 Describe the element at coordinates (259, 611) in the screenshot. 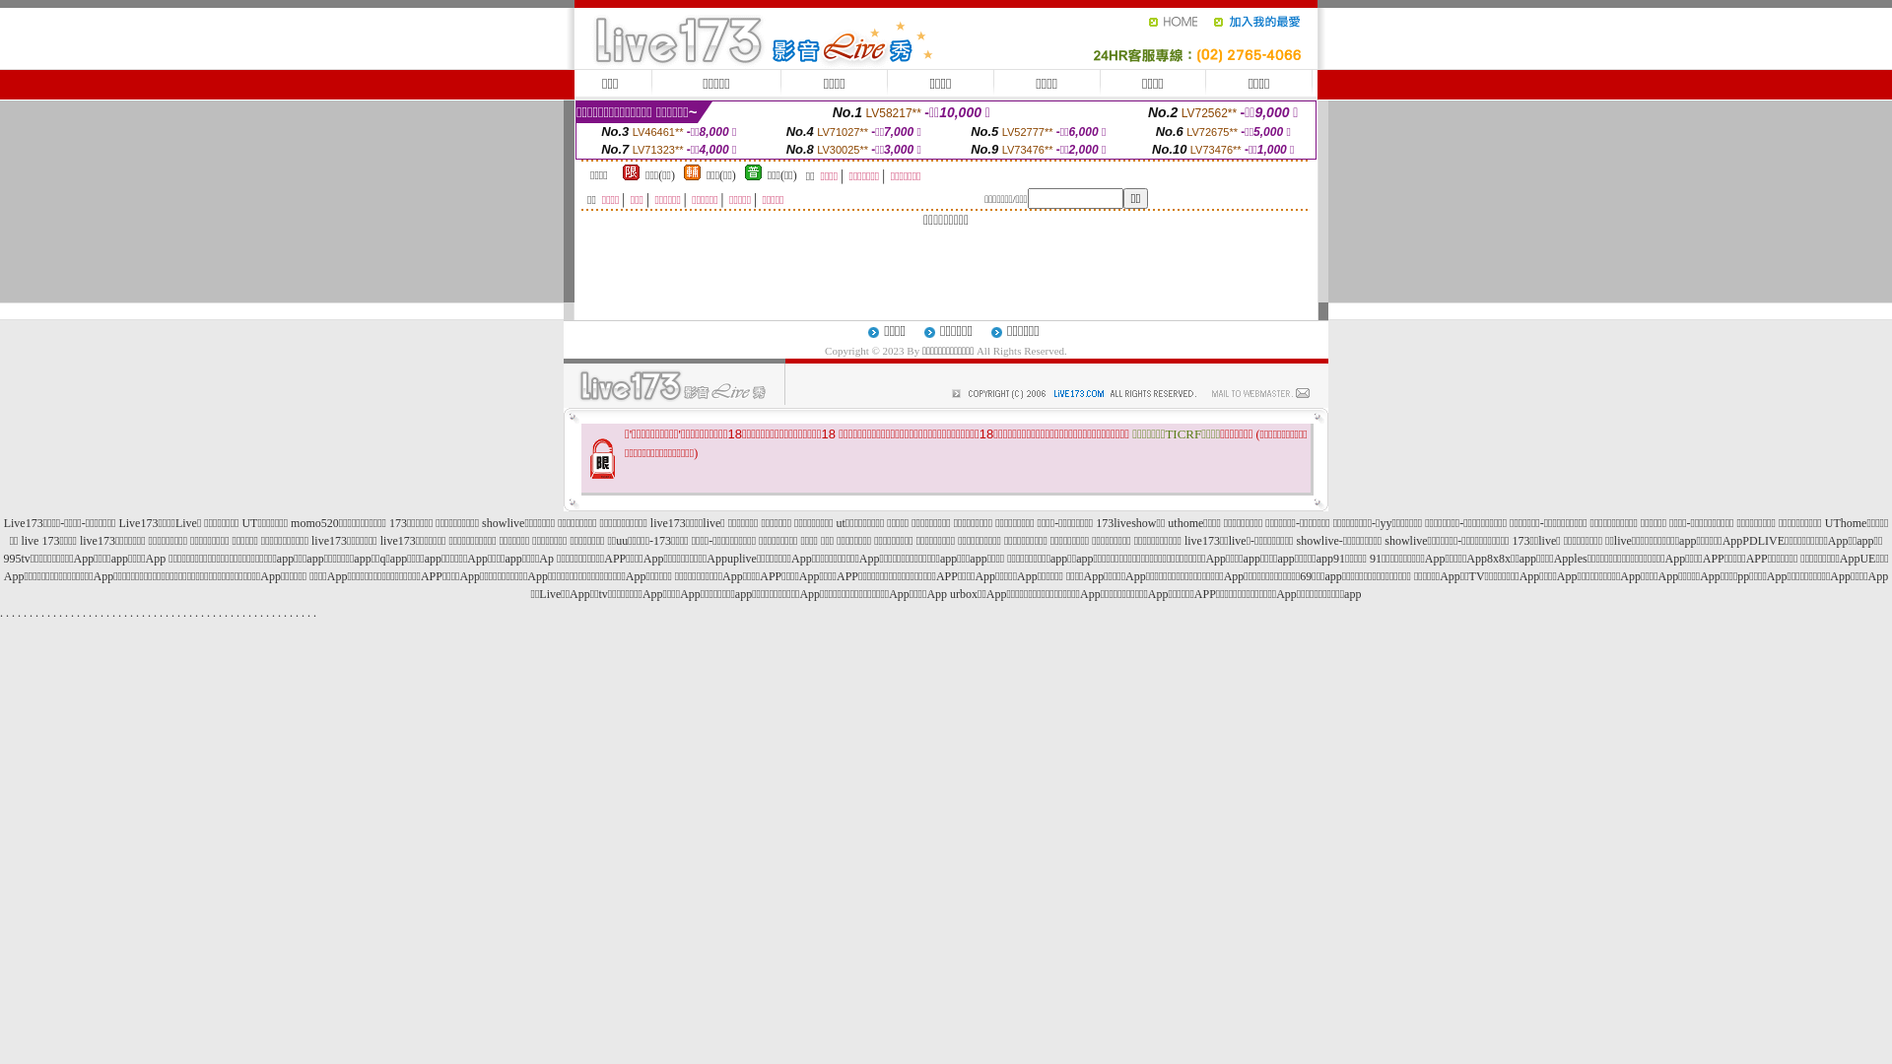

I see `'.'` at that location.